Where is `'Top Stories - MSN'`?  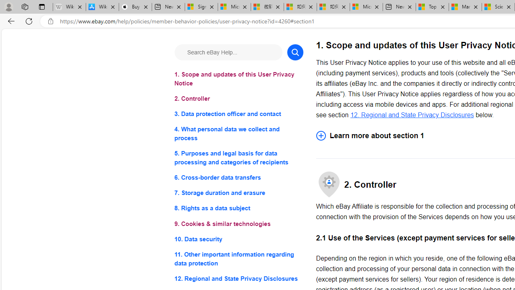
'Top Stories - MSN' is located at coordinates (432, 7).